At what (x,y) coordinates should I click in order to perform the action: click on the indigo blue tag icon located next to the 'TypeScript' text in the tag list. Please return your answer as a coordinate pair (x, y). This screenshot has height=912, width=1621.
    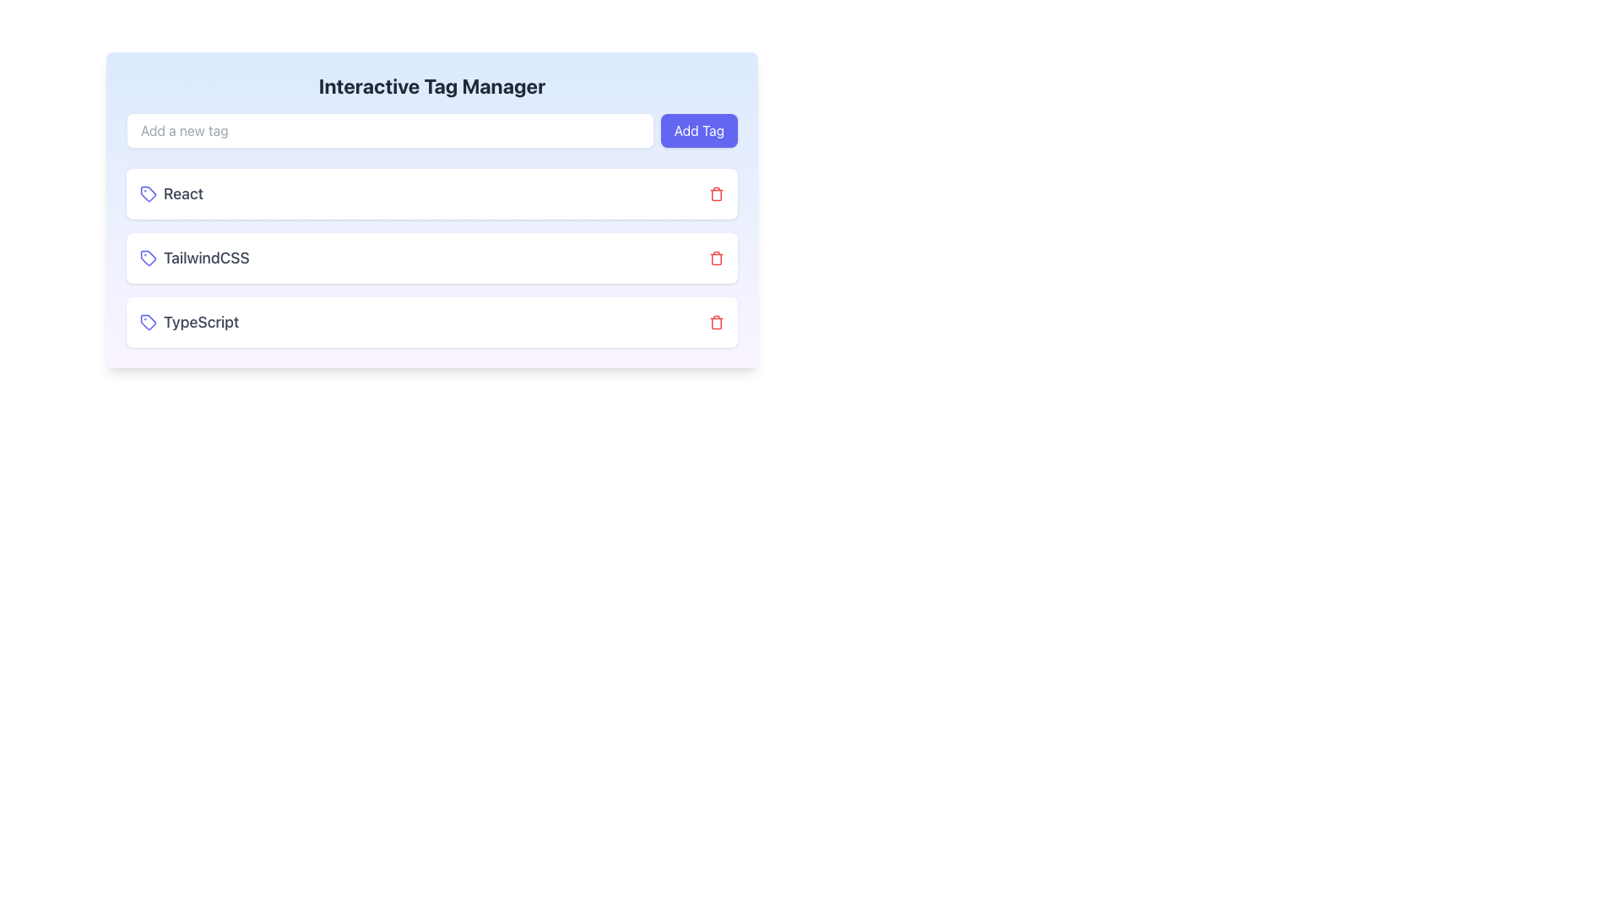
    Looking at the image, I should click on (149, 322).